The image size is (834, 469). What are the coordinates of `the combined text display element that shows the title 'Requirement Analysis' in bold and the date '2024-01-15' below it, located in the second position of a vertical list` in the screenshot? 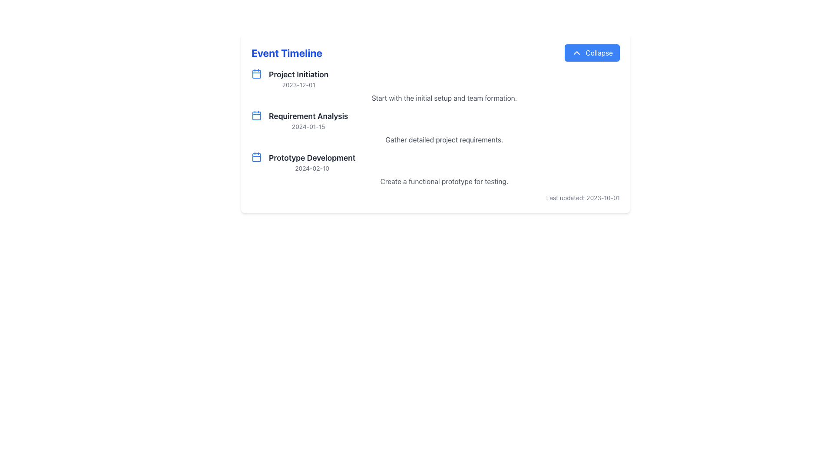 It's located at (308, 120).